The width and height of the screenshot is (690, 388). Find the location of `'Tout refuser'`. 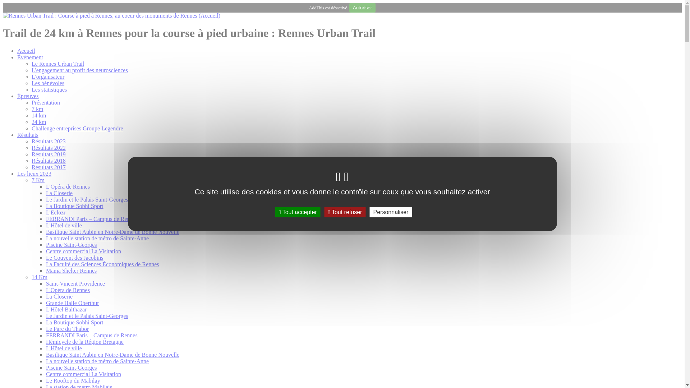

'Tout refuser' is located at coordinates (345, 212).